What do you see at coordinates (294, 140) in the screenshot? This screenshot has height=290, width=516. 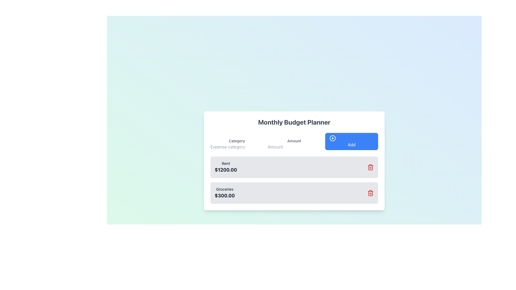 I see `the label that indicates 'Amount', which is positioned above the numerical input field and aligned with the 'Category' label` at bounding box center [294, 140].